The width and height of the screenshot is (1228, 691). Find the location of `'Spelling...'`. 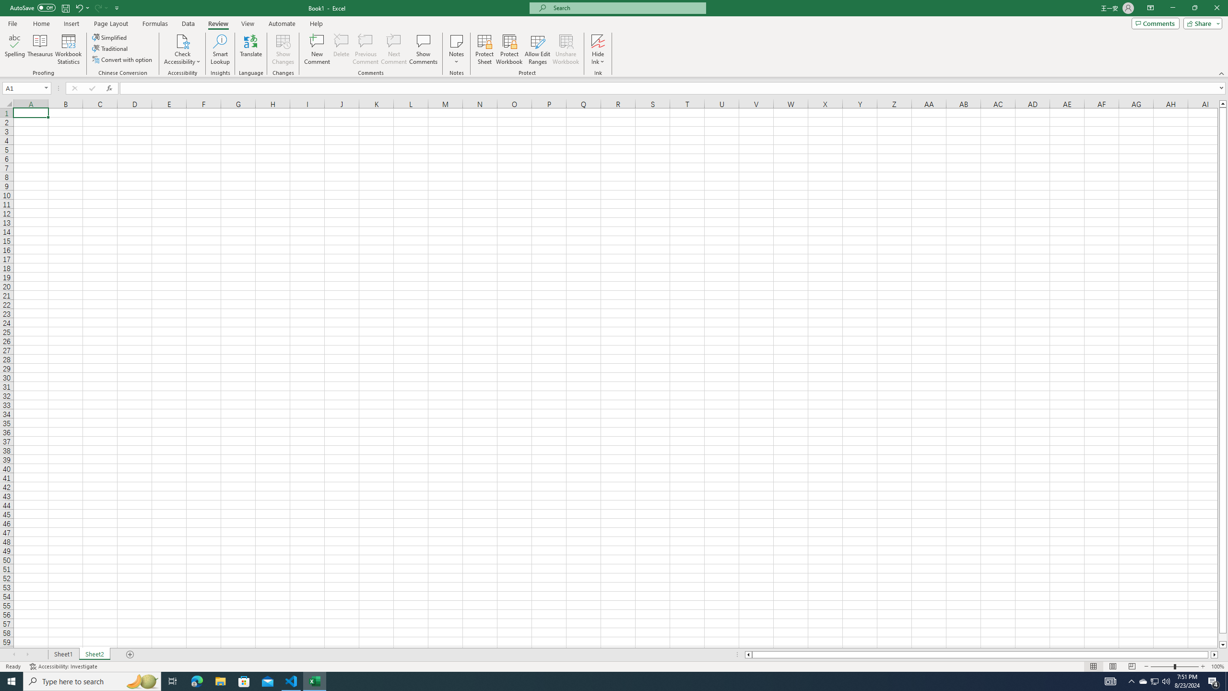

'Spelling...' is located at coordinates (14, 49).